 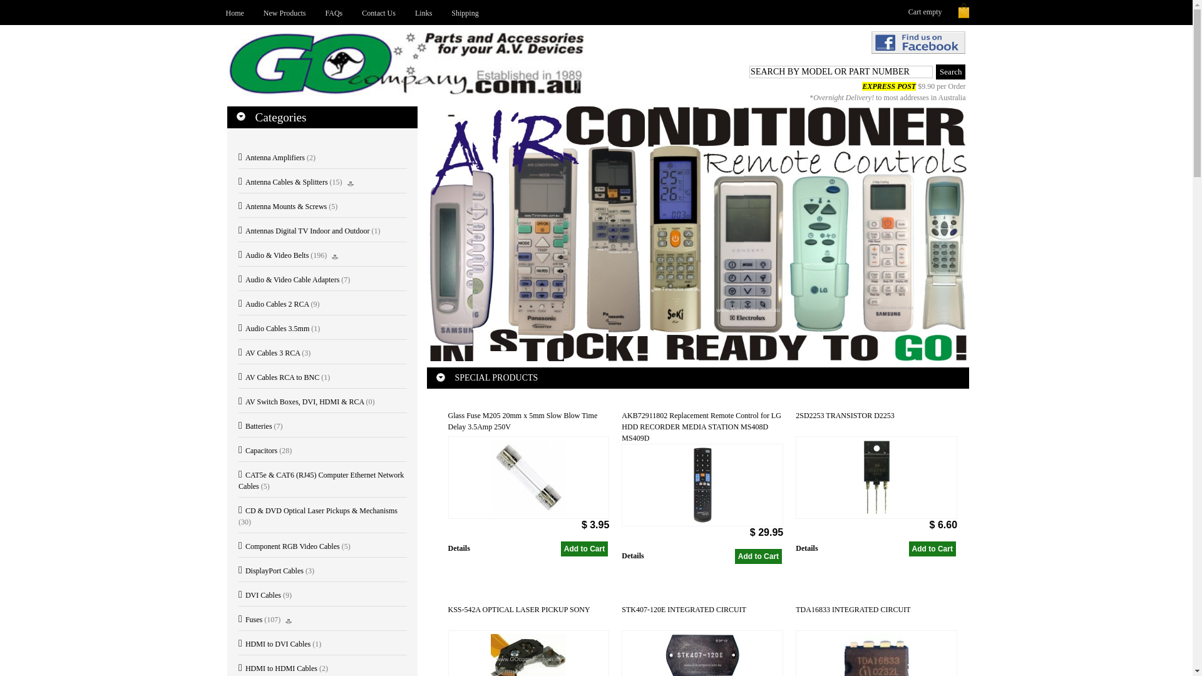 What do you see at coordinates (876, 478) in the screenshot?
I see `'2SD2253 TRANSISTOR D2253'` at bounding box center [876, 478].